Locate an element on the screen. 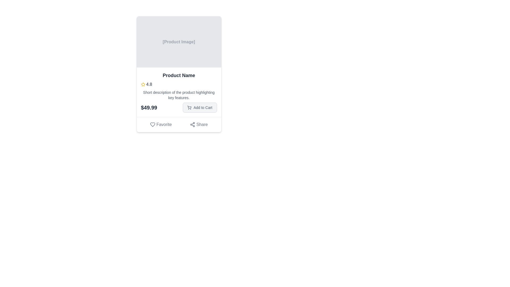 The width and height of the screenshot is (510, 287). the Text Display element showing the rating '4.8' which is gray and positioned next to a yellow star icon in the product description panel is located at coordinates (149, 84).